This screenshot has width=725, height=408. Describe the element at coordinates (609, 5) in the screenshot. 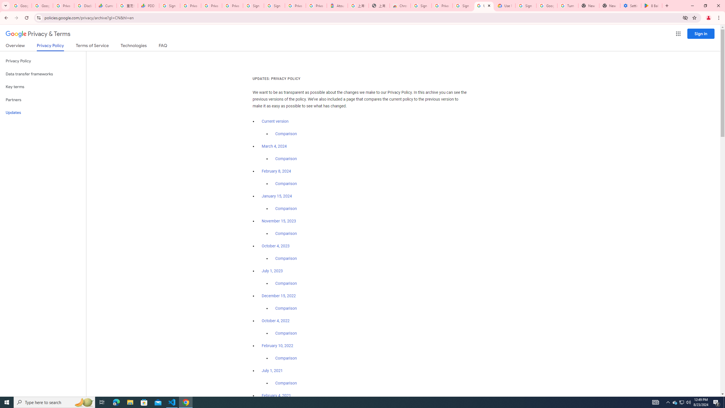

I see `'New Tab'` at that location.